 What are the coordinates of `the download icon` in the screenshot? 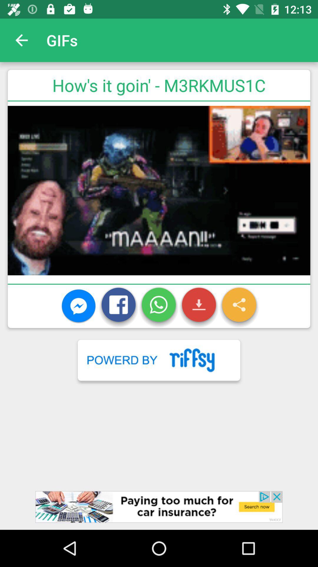 It's located at (199, 306).